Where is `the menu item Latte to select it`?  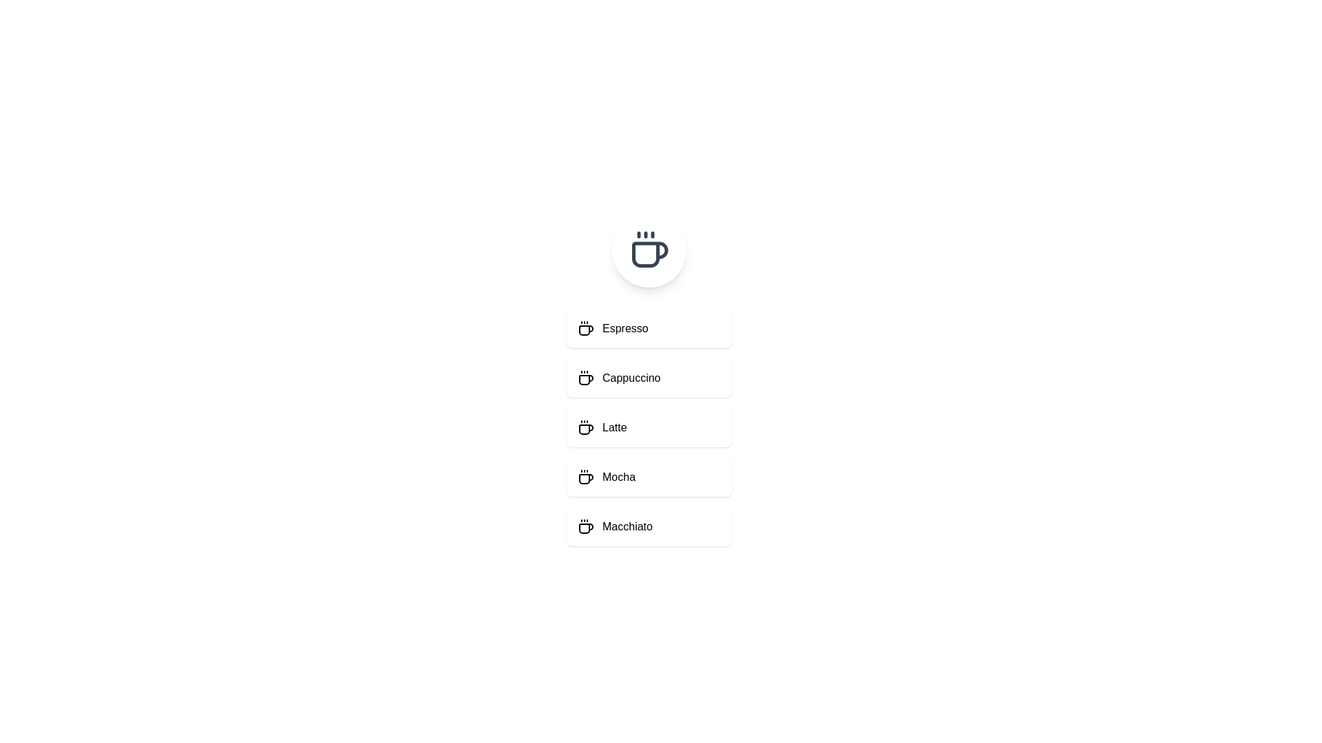
the menu item Latte to select it is located at coordinates (648, 427).